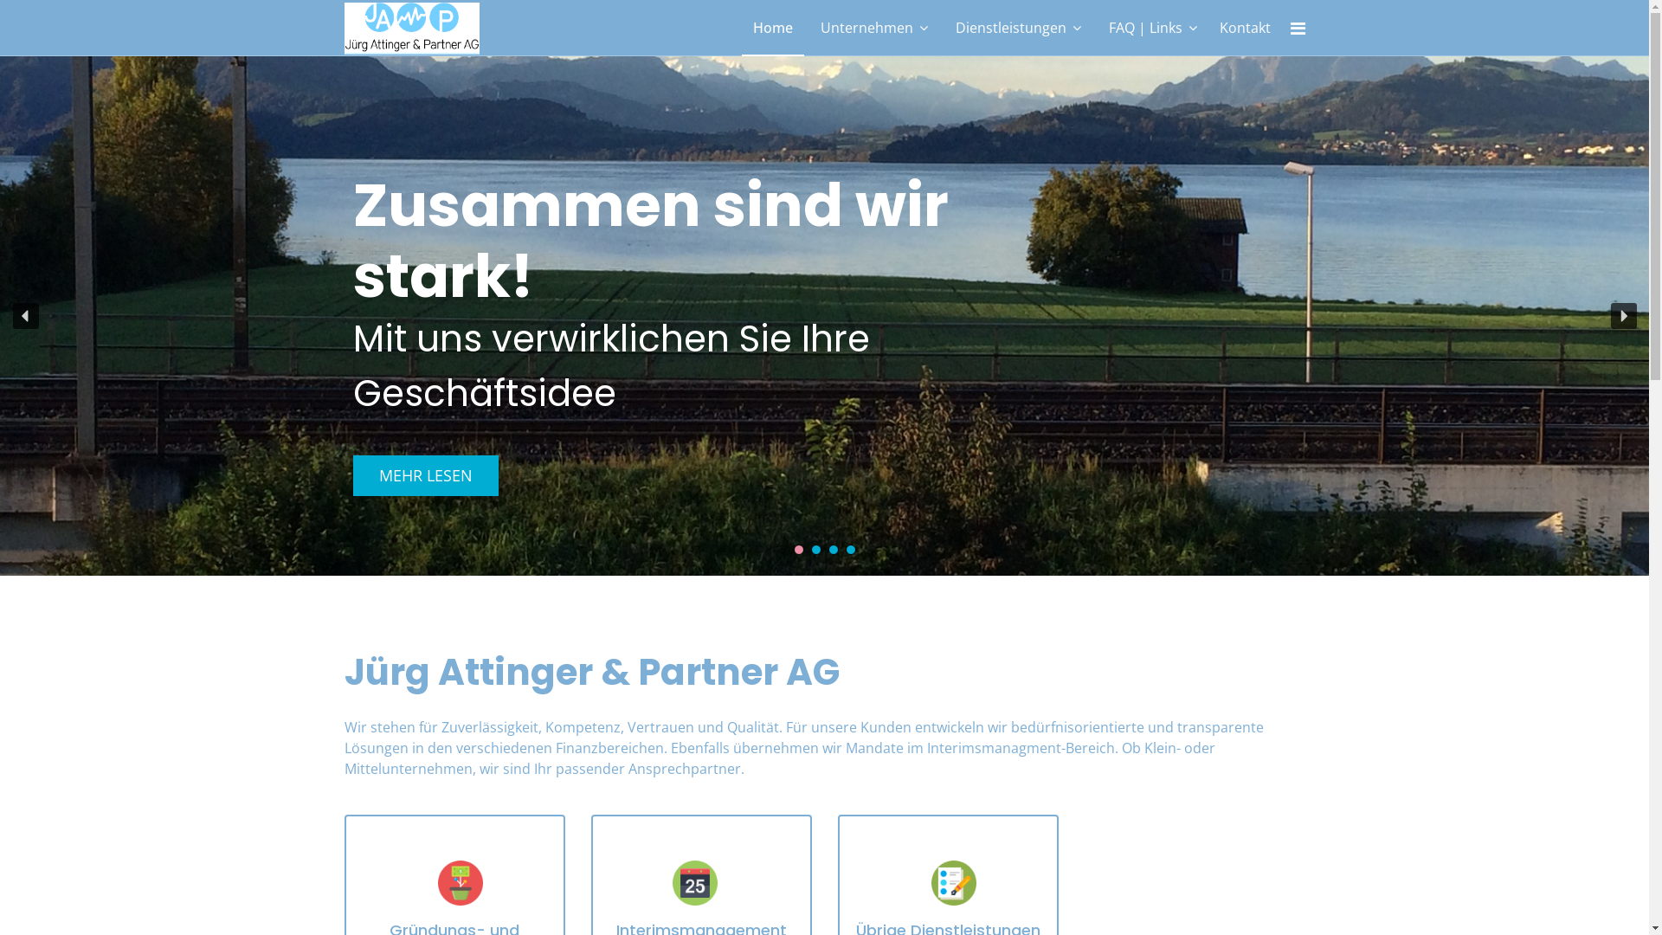 This screenshot has width=1662, height=935. I want to click on 'Unternehmen', so click(873, 28).